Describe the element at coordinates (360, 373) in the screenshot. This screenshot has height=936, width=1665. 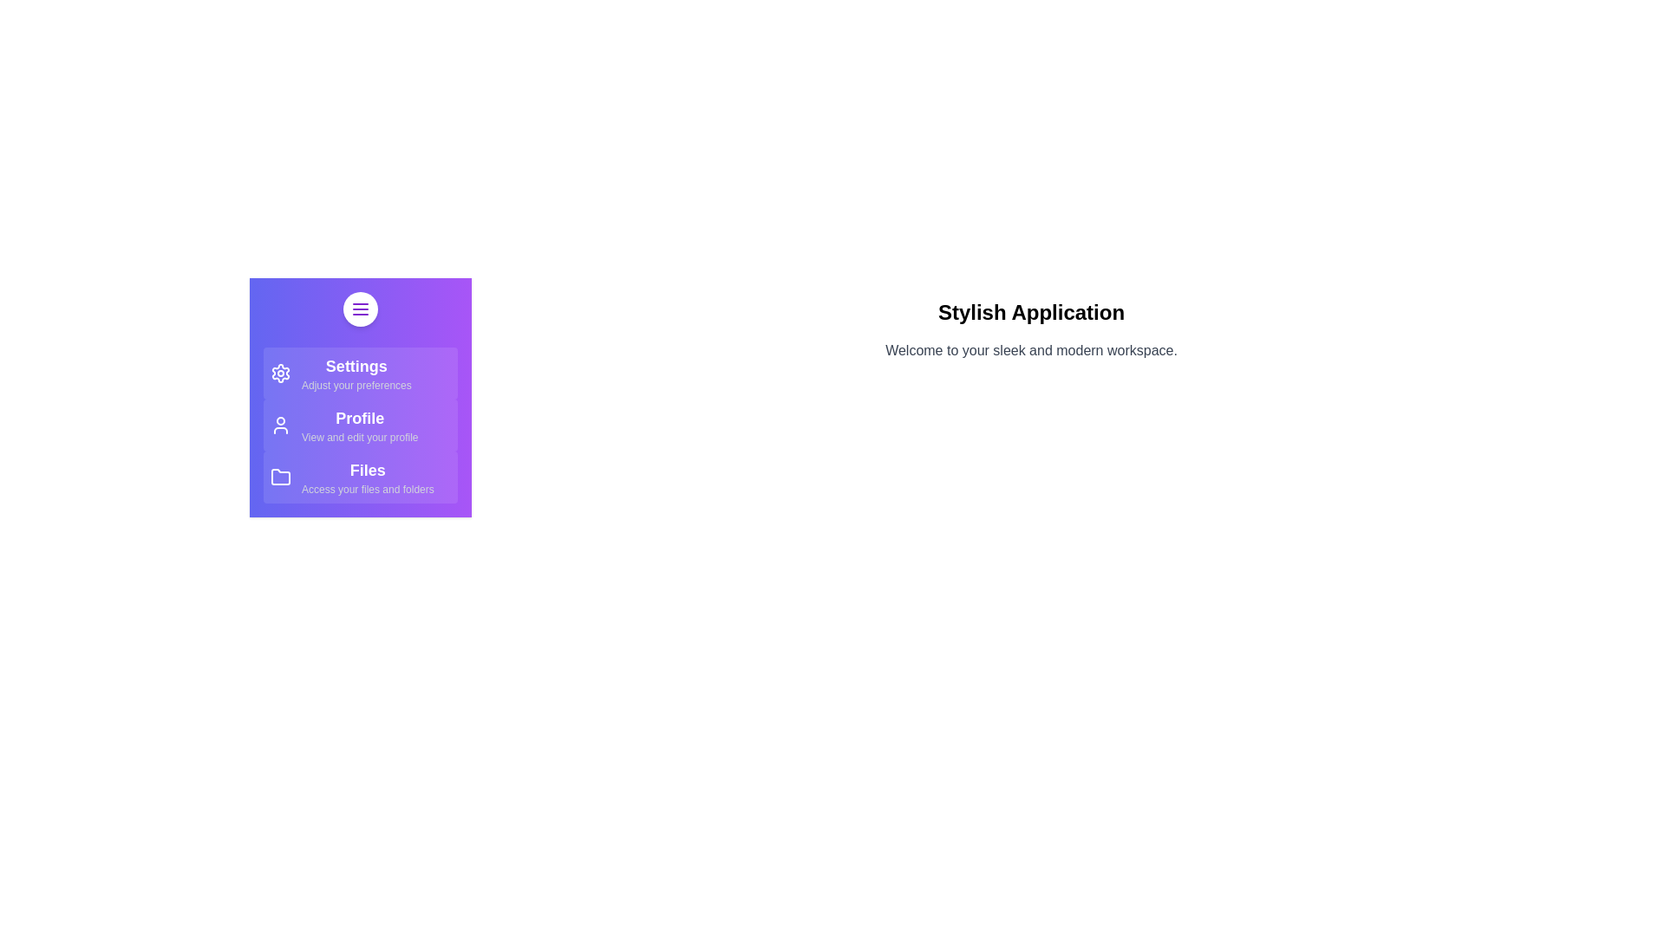
I see `the 'Settings' item in the drawer menu` at that location.